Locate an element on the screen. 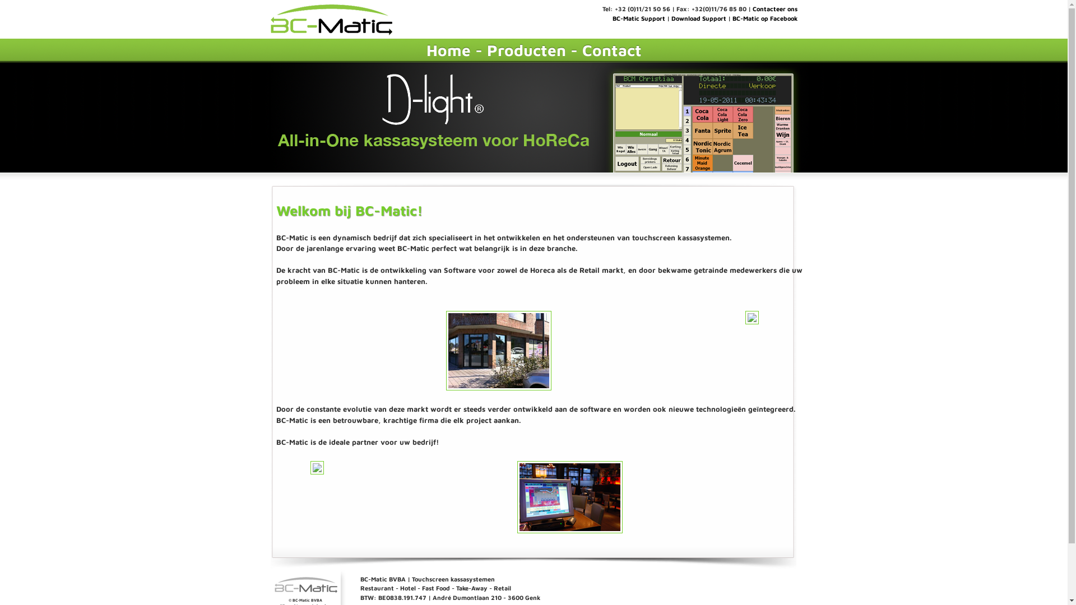 The height and width of the screenshot is (605, 1076). 'Contact' is located at coordinates (610, 49).